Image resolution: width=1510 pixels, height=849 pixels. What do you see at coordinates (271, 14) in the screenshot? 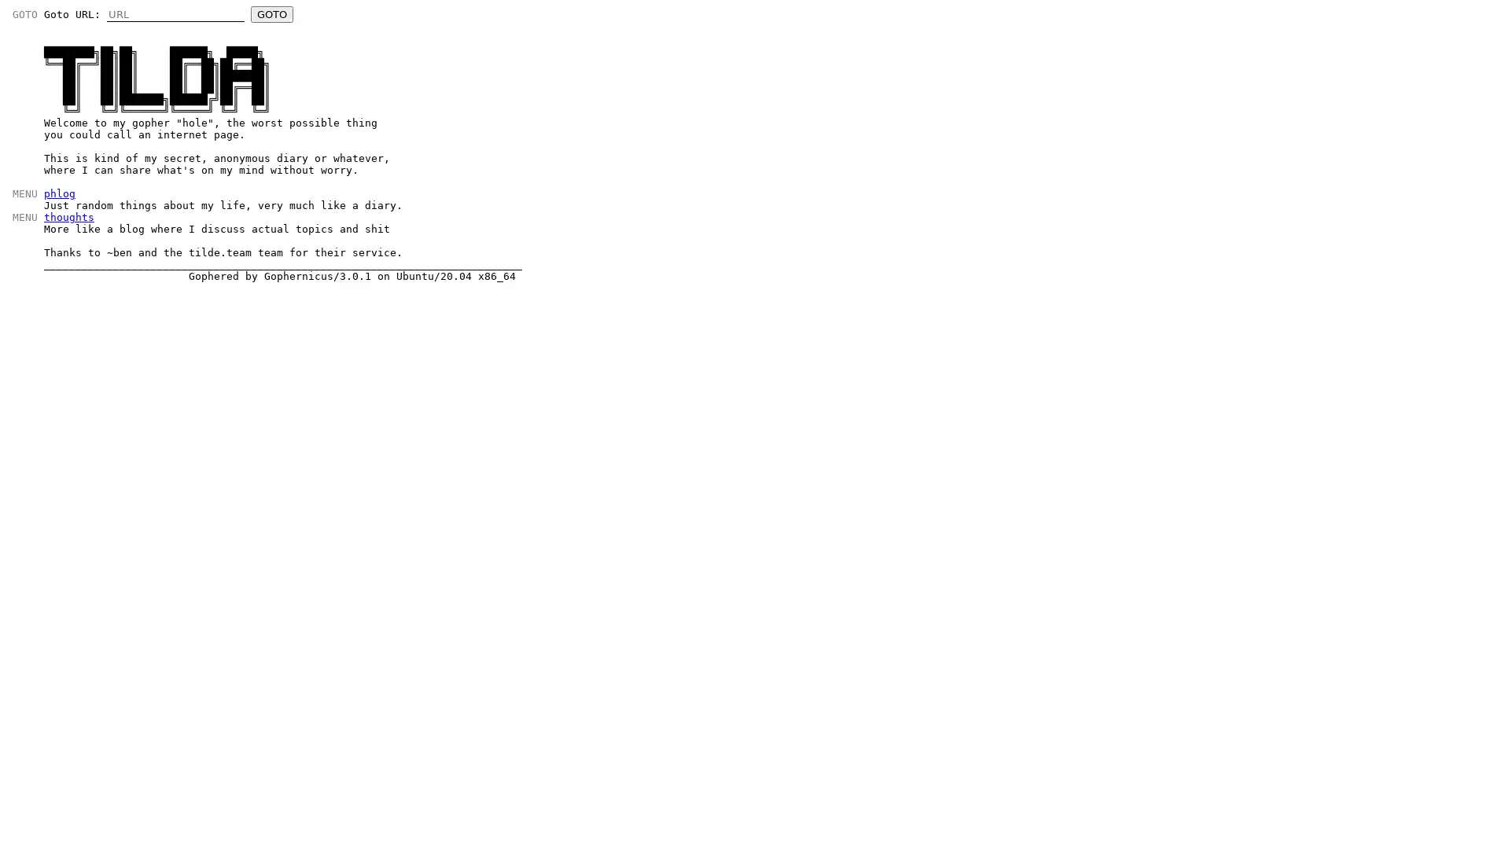
I see `GOTO` at bounding box center [271, 14].